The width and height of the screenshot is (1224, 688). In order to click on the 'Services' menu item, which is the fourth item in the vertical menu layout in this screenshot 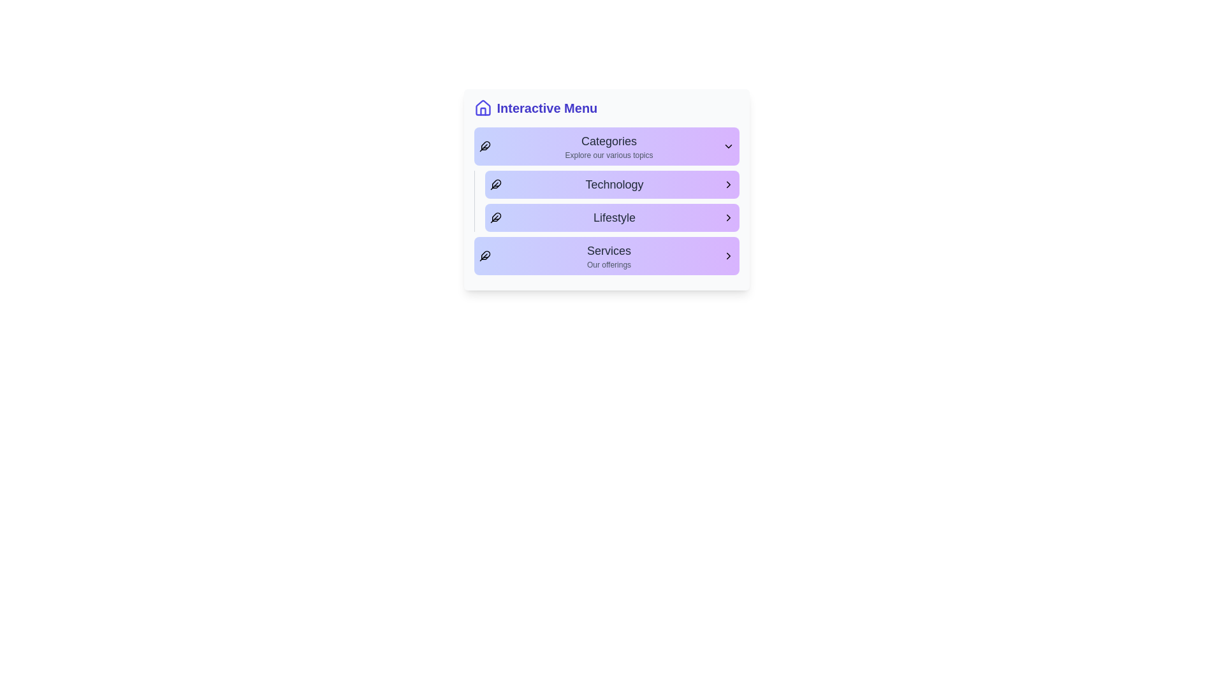, I will do `click(606, 255)`.